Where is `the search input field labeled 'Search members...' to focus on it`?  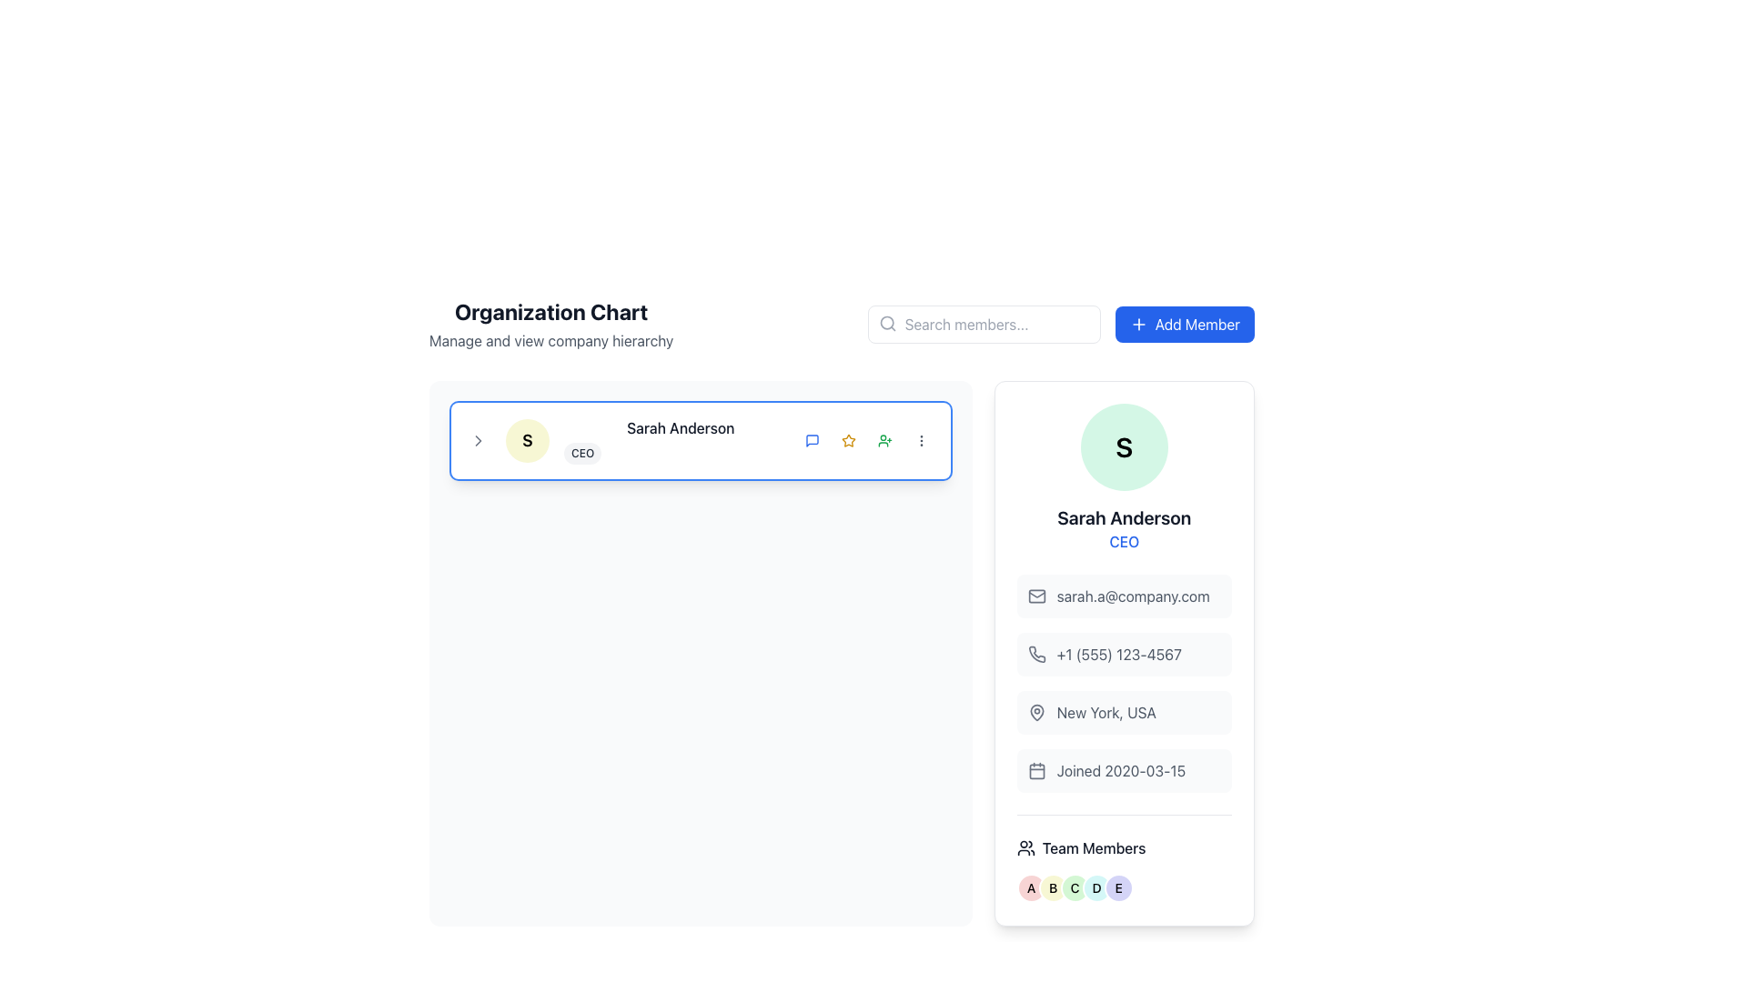 the search input field labeled 'Search members...' to focus on it is located at coordinates (983, 324).